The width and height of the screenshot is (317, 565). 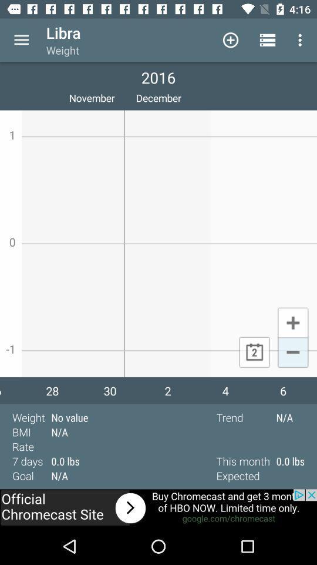 I want to click on the add icon, so click(x=292, y=322).